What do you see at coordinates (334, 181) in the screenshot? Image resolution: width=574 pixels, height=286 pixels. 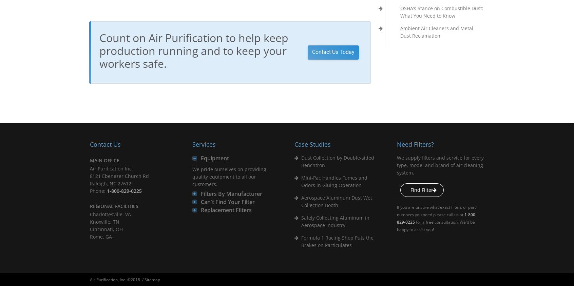 I see `'Mini-Pac Handles Fumes and Odors in Gluing Operation'` at bounding box center [334, 181].